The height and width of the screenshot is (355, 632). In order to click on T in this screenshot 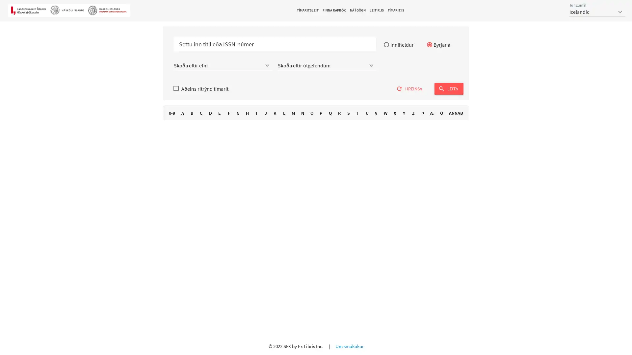, I will do `click(357, 112)`.